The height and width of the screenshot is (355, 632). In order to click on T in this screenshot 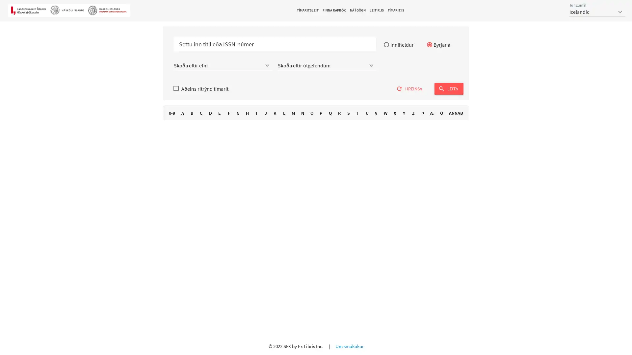, I will do `click(357, 112)`.